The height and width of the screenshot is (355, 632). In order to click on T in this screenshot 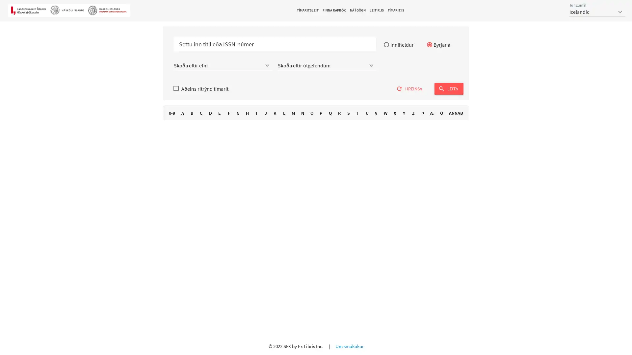, I will do `click(357, 112)`.